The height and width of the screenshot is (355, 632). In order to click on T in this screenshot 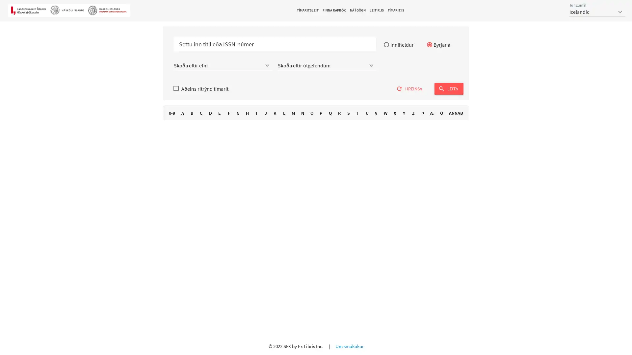, I will do `click(357, 112)`.